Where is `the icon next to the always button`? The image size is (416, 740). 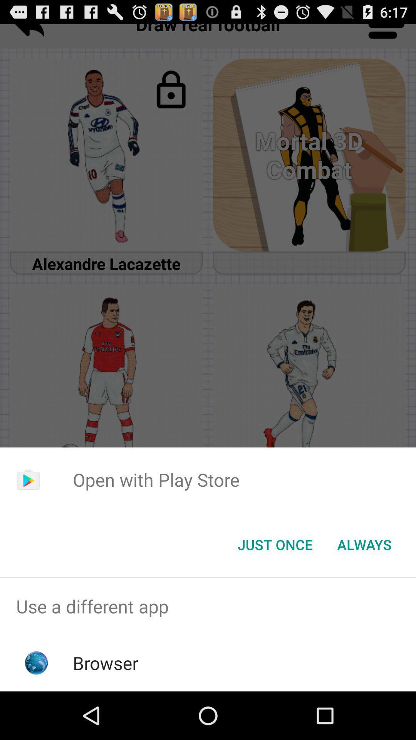 the icon next to the always button is located at coordinates (275, 544).